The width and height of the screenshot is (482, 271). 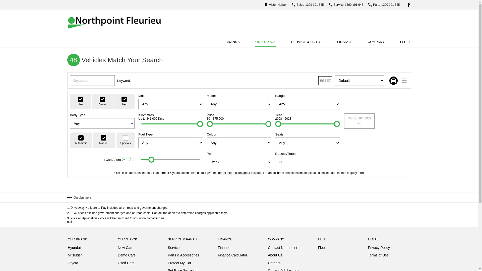 I want to click on 'FLEET', so click(x=405, y=41).